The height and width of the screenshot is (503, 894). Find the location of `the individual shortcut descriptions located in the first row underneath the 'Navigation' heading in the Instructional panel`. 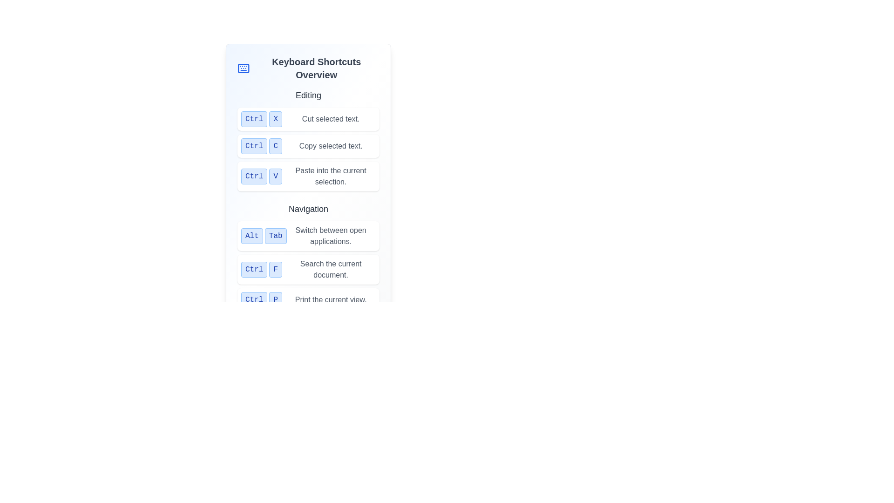

the individual shortcut descriptions located in the first row underneath the 'Navigation' heading in the Instructional panel is located at coordinates (308, 257).